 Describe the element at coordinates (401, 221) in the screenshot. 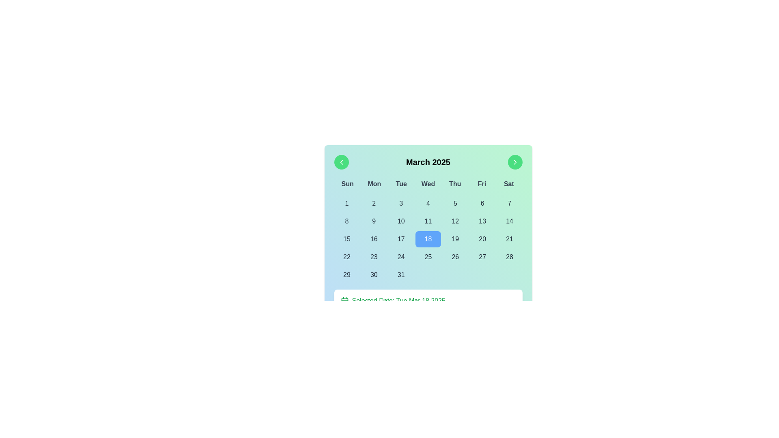

I see `the small, rectangular button labeled '10' located in the second row and third column of the calendar grid` at that location.